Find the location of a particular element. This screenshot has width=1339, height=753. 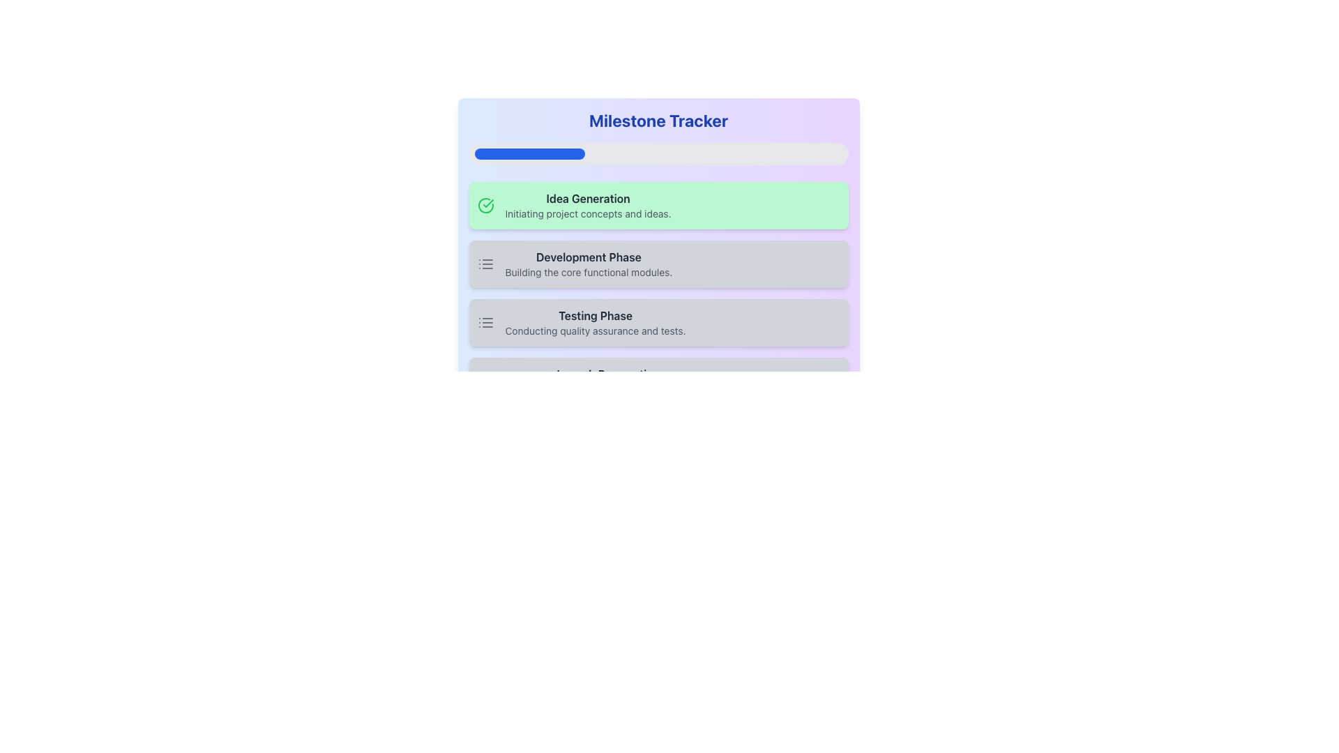

the progress bar is located at coordinates (825, 153).